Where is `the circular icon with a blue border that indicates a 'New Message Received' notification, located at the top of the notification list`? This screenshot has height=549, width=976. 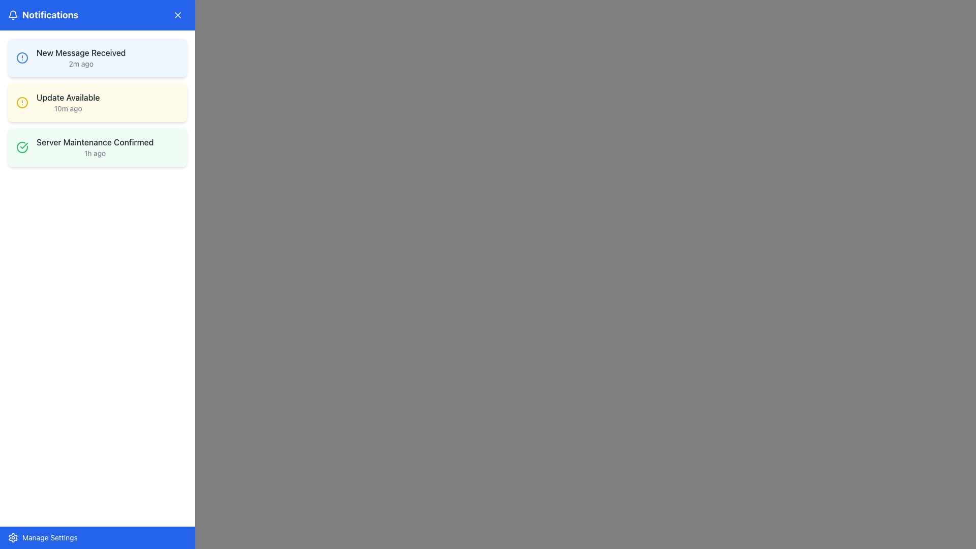 the circular icon with a blue border that indicates a 'New Message Received' notification, located at the top of the notification list is located at coordinates (22, 58).